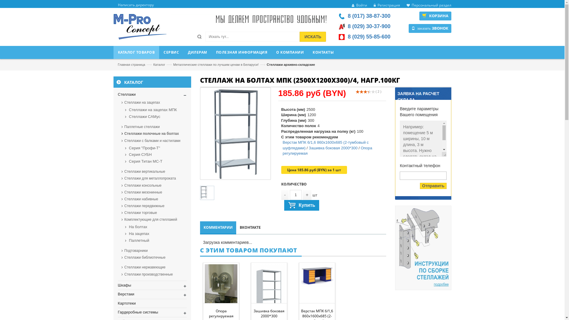  I want to click on '+', so click(303, 195).